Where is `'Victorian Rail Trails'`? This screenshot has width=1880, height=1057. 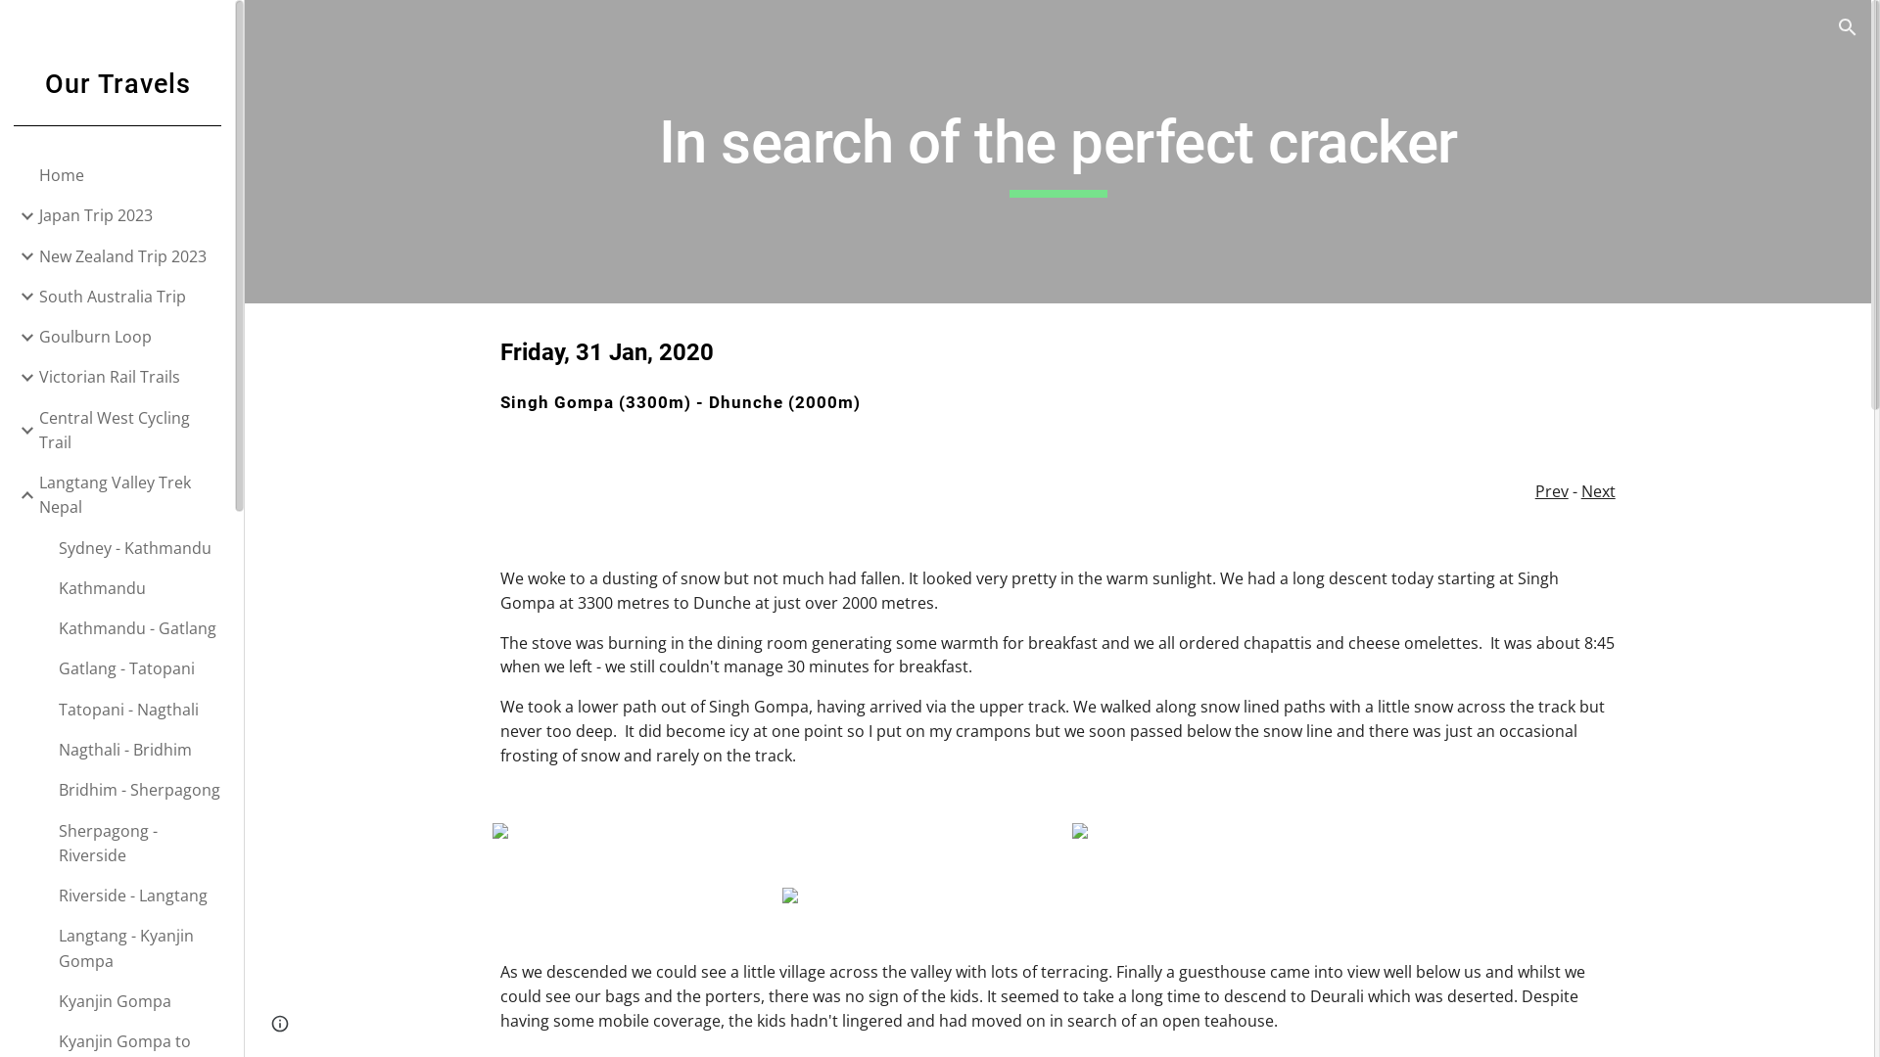
'Victorian Rail Trails' is located at coordinates (34, 377).